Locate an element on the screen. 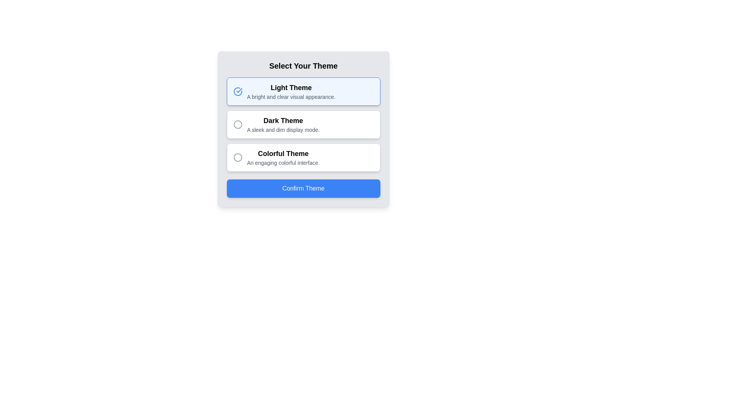 This screenshot has height=414, width=737. the descriptive label that provides information about the dark theme option in the theme selection menu, located between 'Light Theme' and 'Colorful Theme' is located at coordinates (283, 124).